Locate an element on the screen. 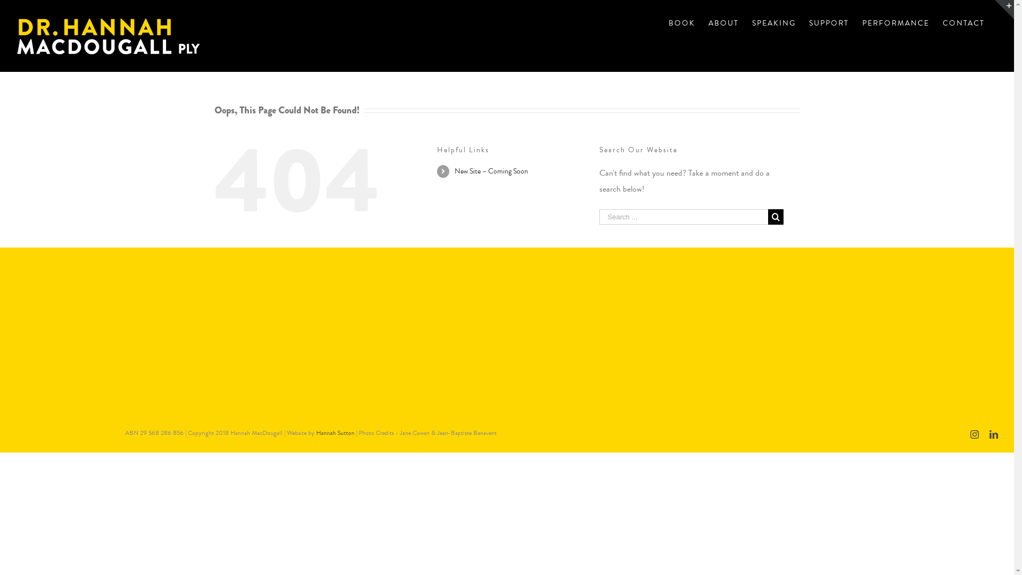 Image resolution: width=1022 pixels, height=575 pixels. 'LinkedIn' is located at coordinates (993, 434).